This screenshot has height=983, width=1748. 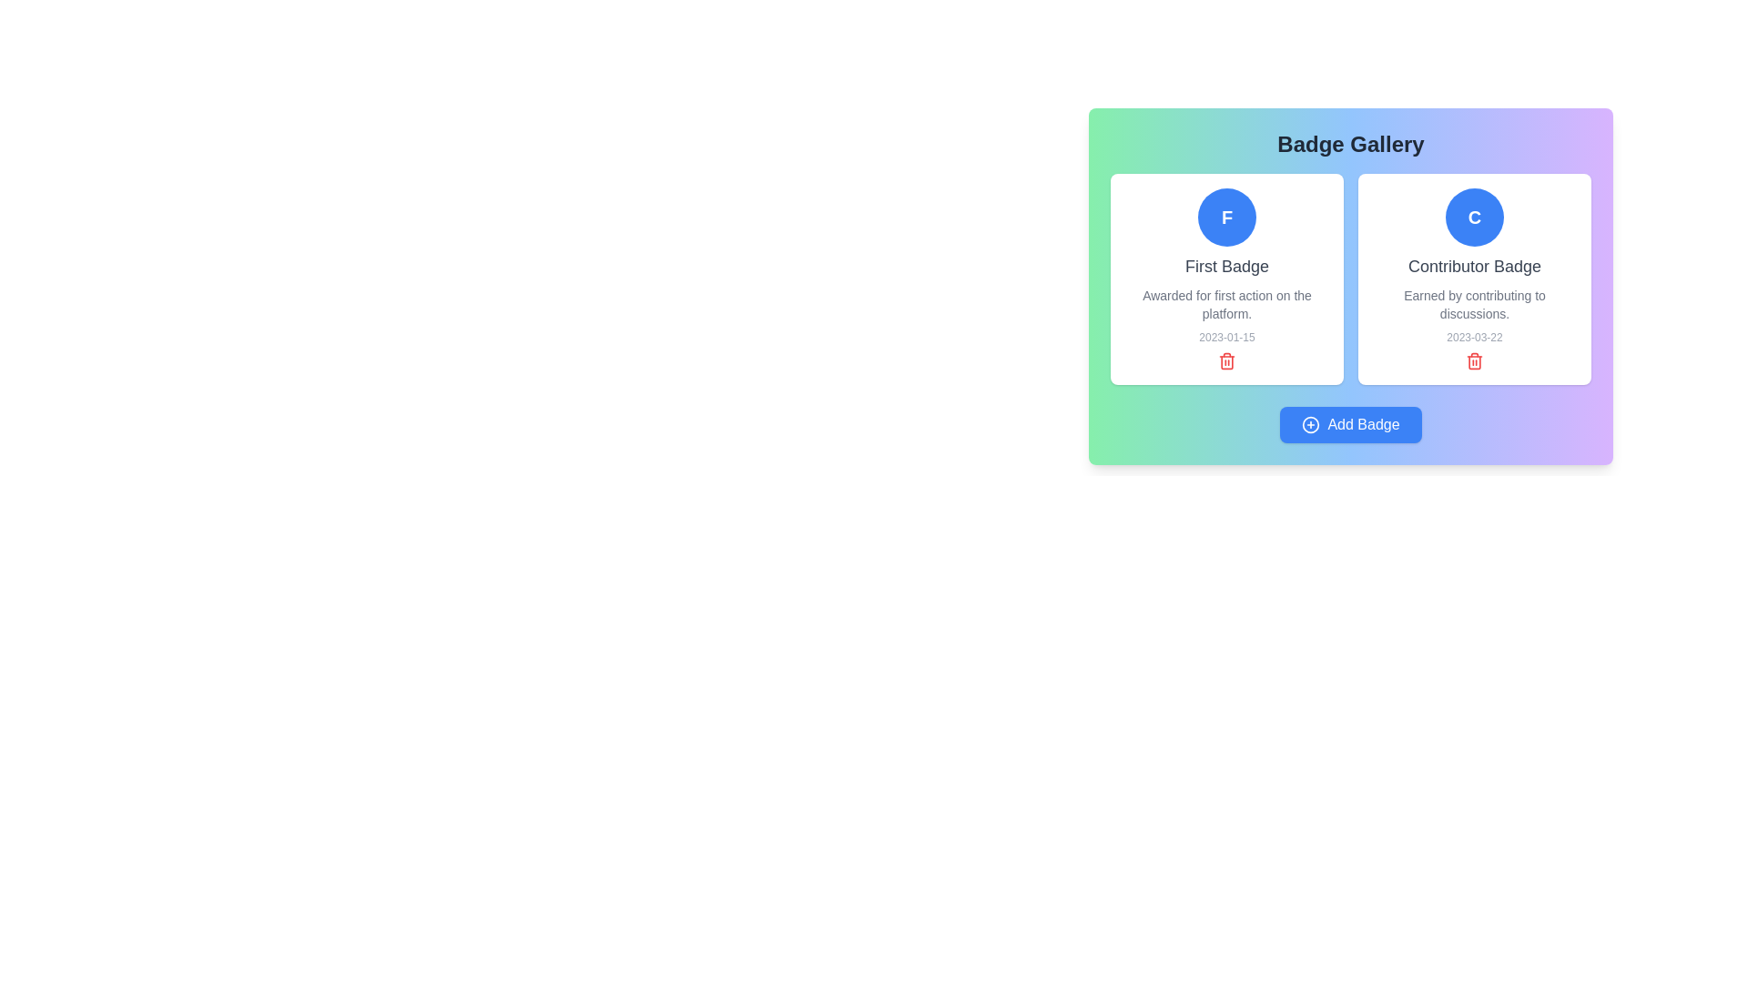 I want to click on the static text block that describes the 'First Badge' located in the bottom half of the left card in the 'Badge Gallery' section, so click(x=1227, y=304).